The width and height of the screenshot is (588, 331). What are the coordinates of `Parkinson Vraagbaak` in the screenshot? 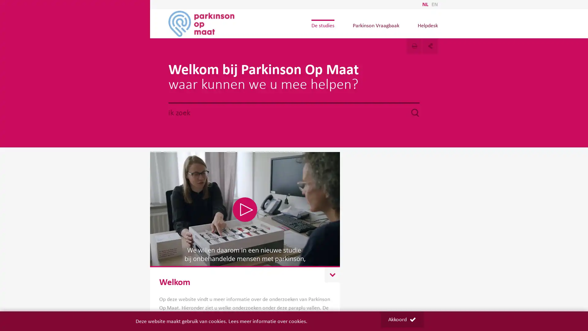 It's located at (375, 25).